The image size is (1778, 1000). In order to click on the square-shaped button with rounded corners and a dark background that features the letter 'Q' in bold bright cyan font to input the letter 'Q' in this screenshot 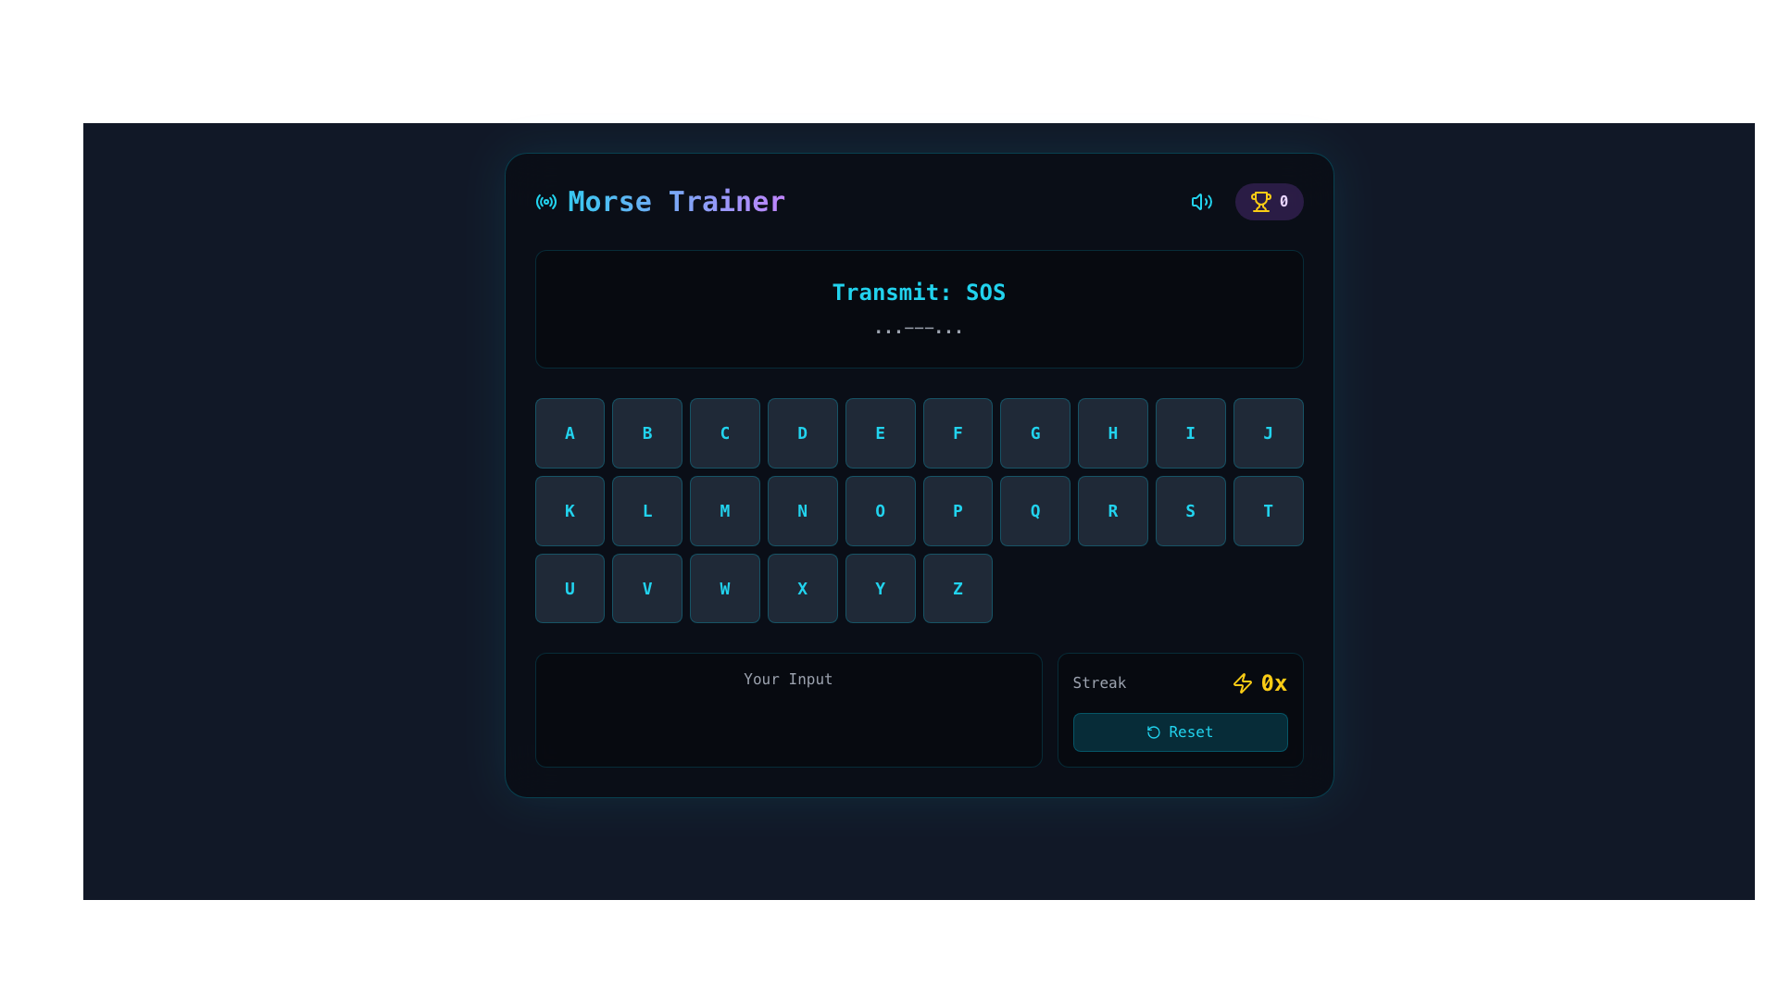, I will do `click(1034, 510)`.